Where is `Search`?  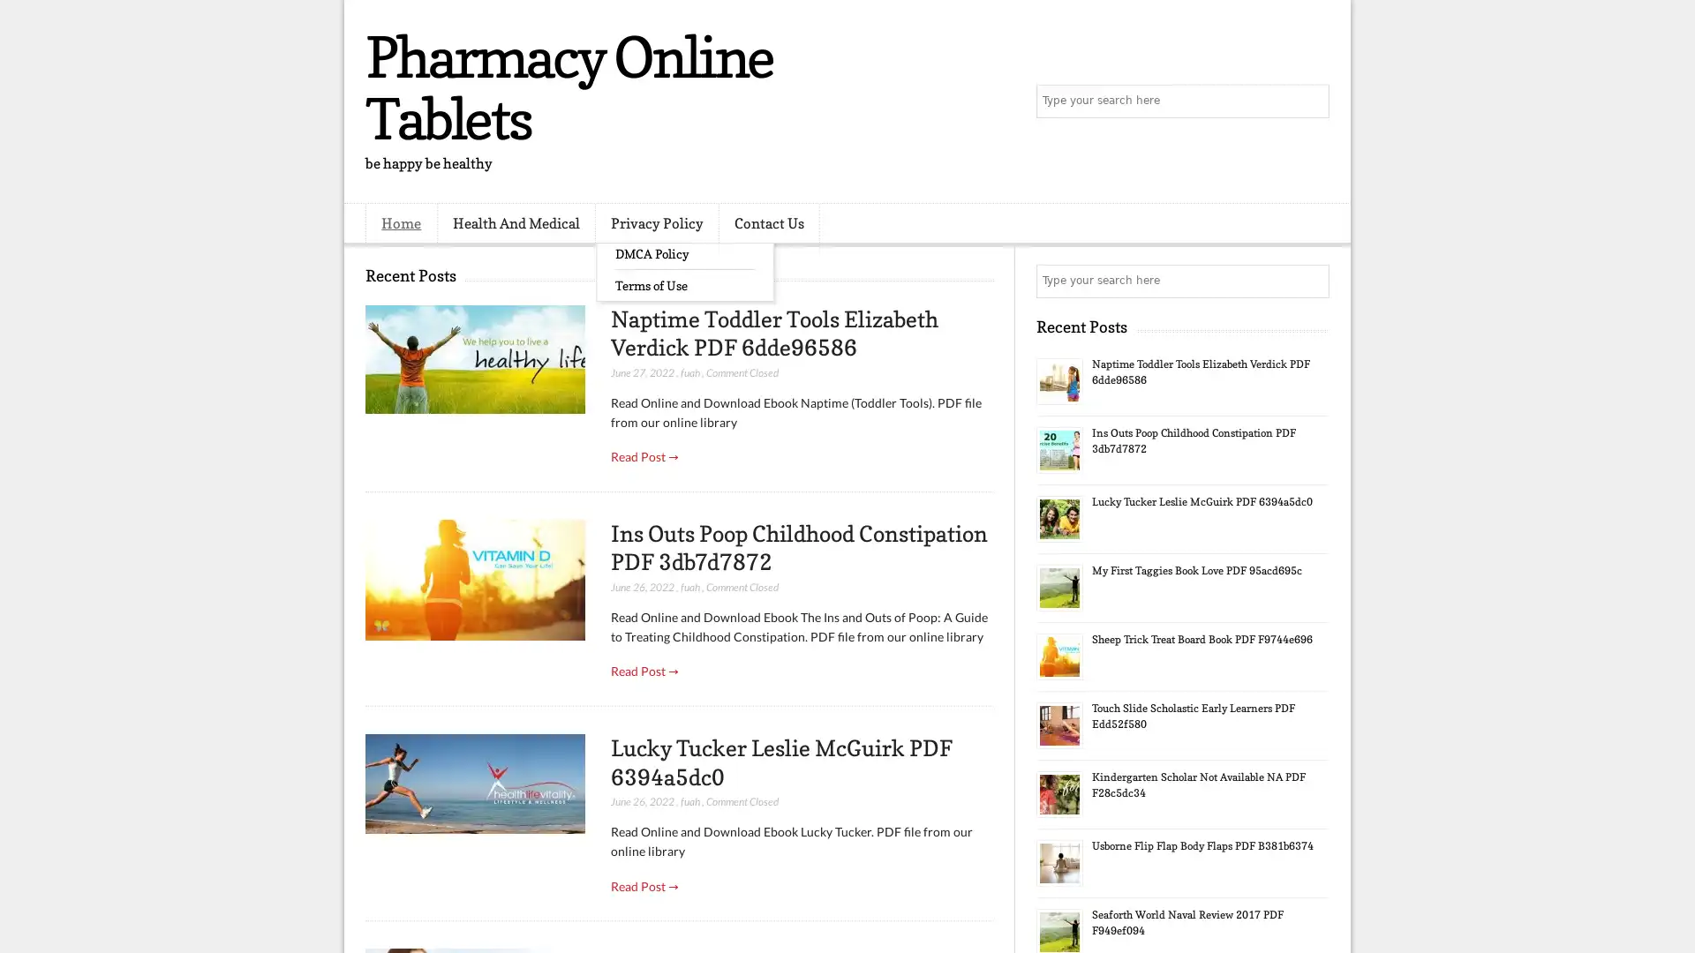
Search is located at coordinates (1311, 281).